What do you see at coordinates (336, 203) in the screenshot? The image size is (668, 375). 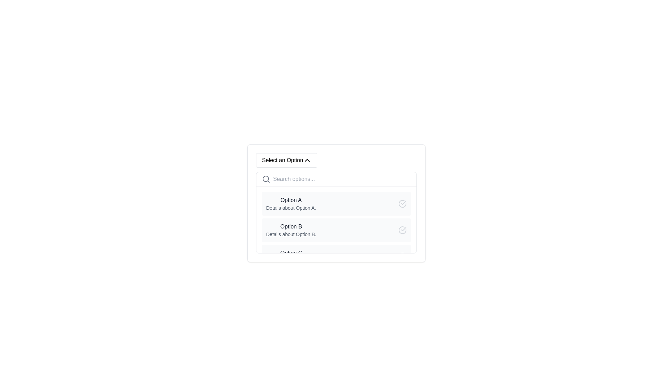 I see `the first option in the dropdown menu labeled 'Option A'` at bounding box center [336, 203].